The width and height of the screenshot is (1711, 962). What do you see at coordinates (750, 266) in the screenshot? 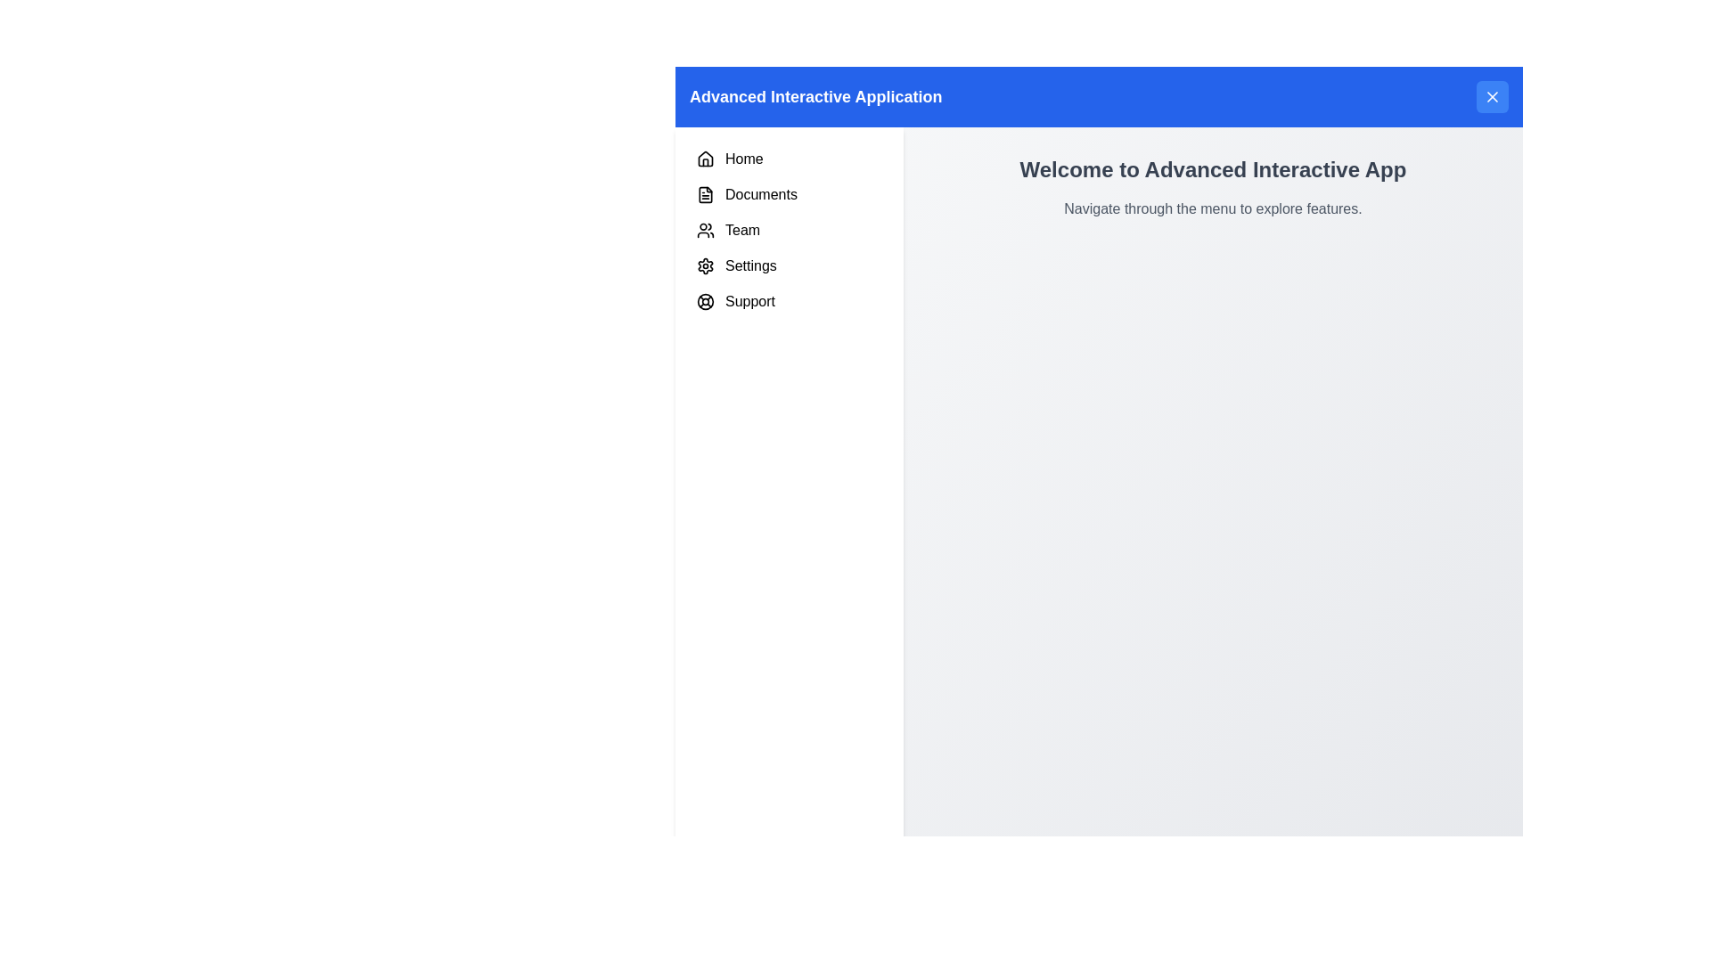
I see `the 'Settings' text label in the vertical side menu, which is the fourth item from the top, located between 'Team' and 'Support'` at bounding box center [750, 266].